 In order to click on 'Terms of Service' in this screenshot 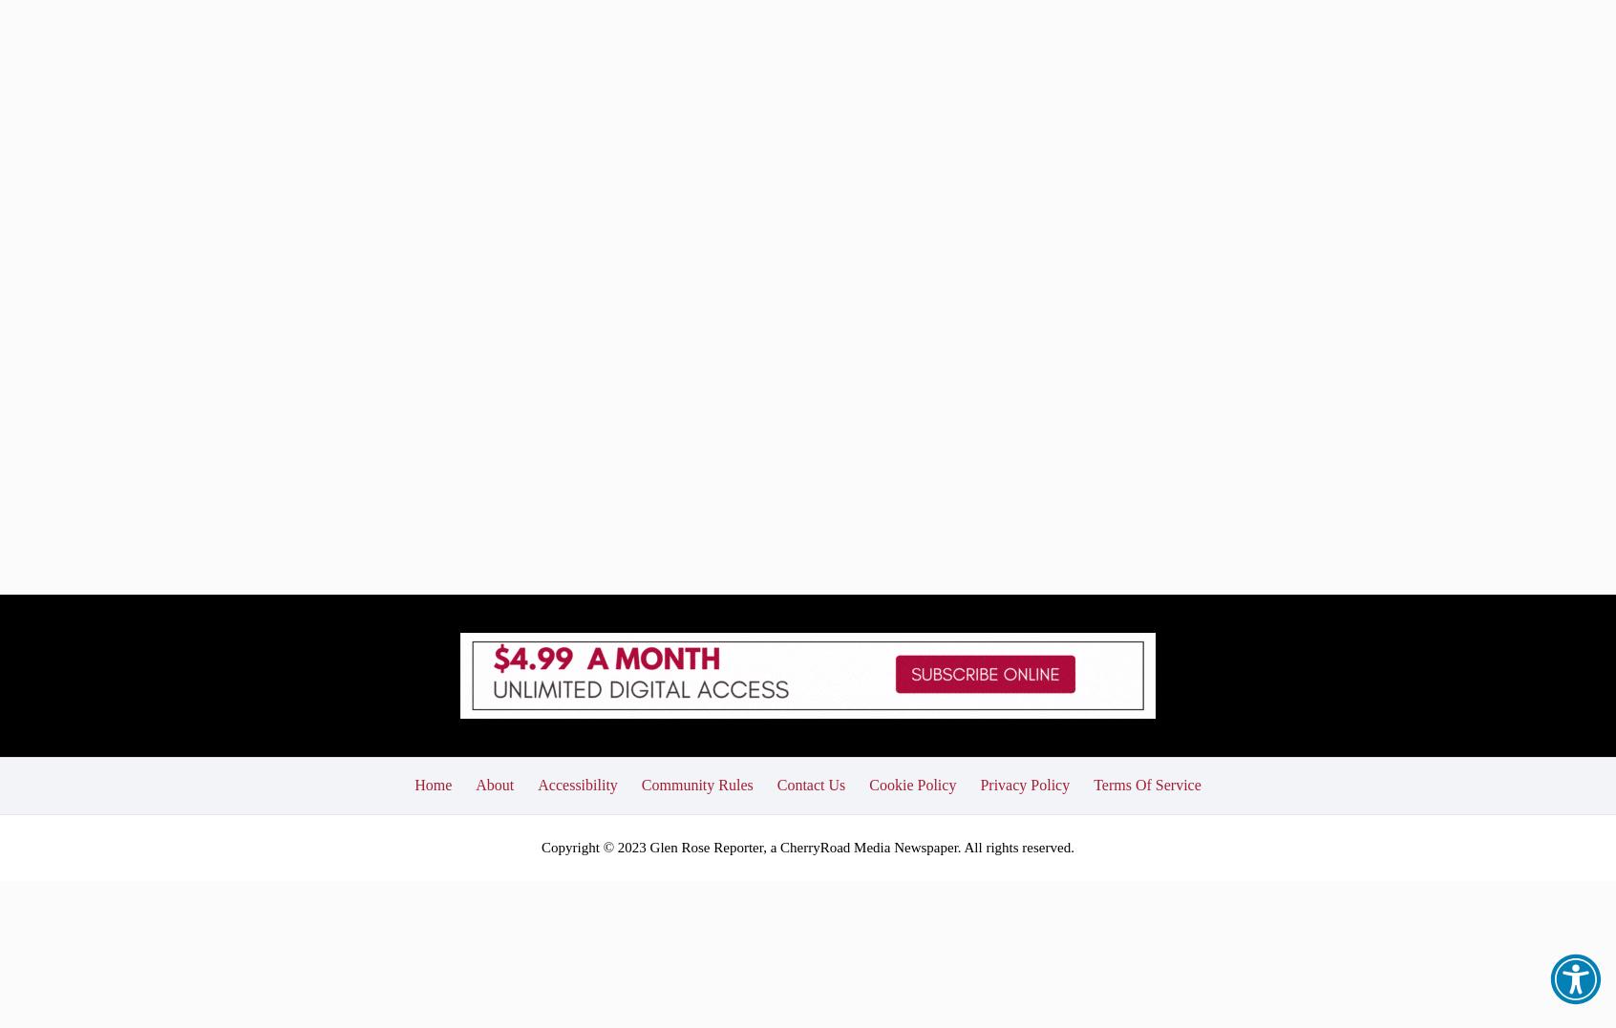, I will do `click(1092, 643)`.